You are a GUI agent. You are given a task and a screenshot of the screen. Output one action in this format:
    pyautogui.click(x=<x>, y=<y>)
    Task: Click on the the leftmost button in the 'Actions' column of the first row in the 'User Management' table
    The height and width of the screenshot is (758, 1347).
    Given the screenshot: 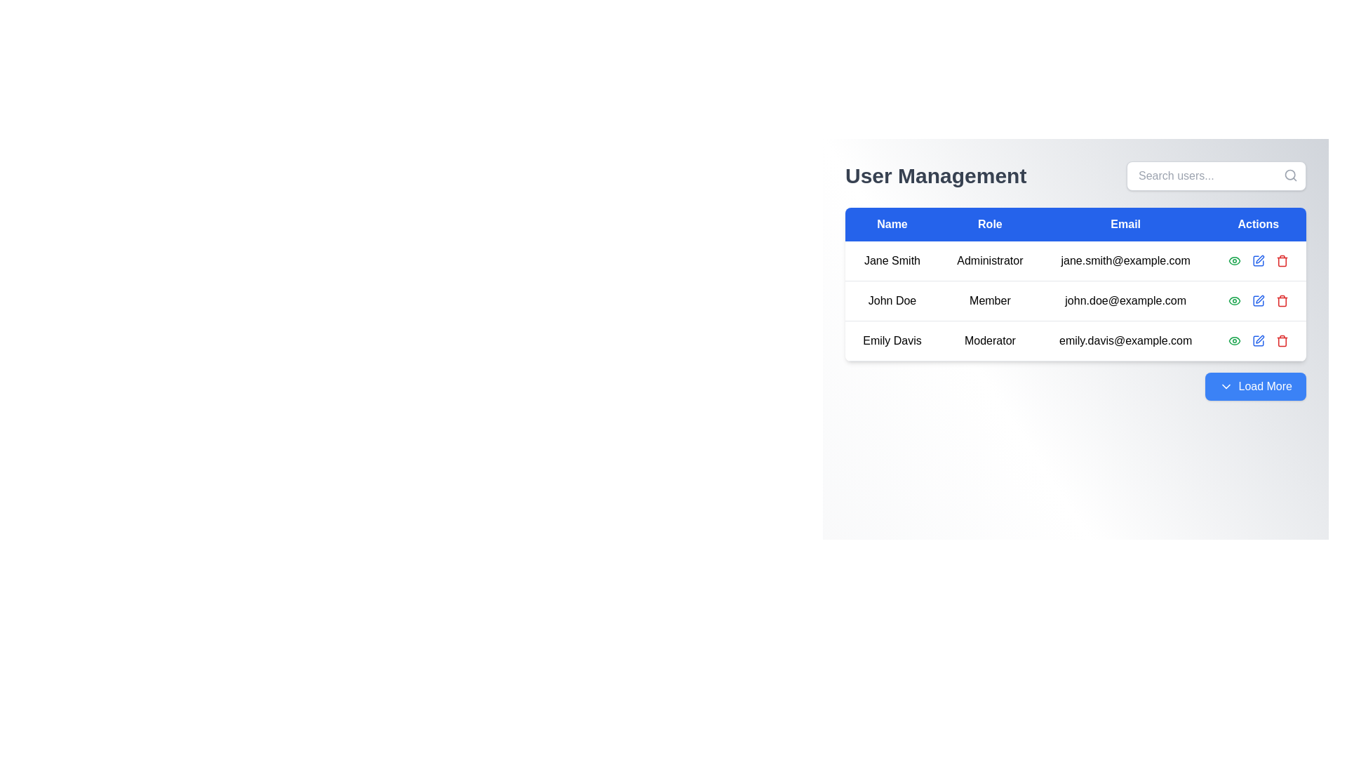 What is the action you would take?
    pyautogui.click(x=1233, y=260)
    